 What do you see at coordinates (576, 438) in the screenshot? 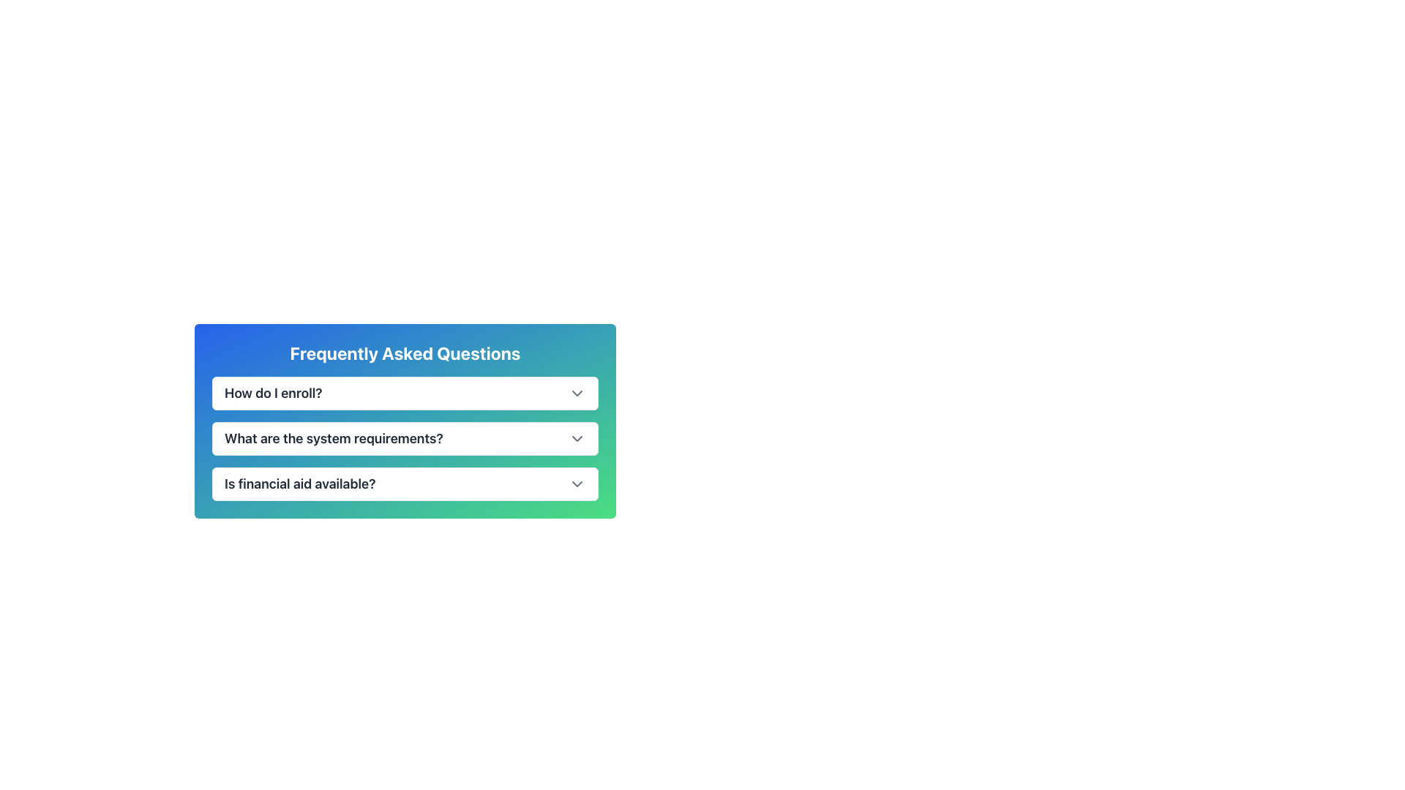
I see `the downward chevron icon` at bounding box center [576, 438].